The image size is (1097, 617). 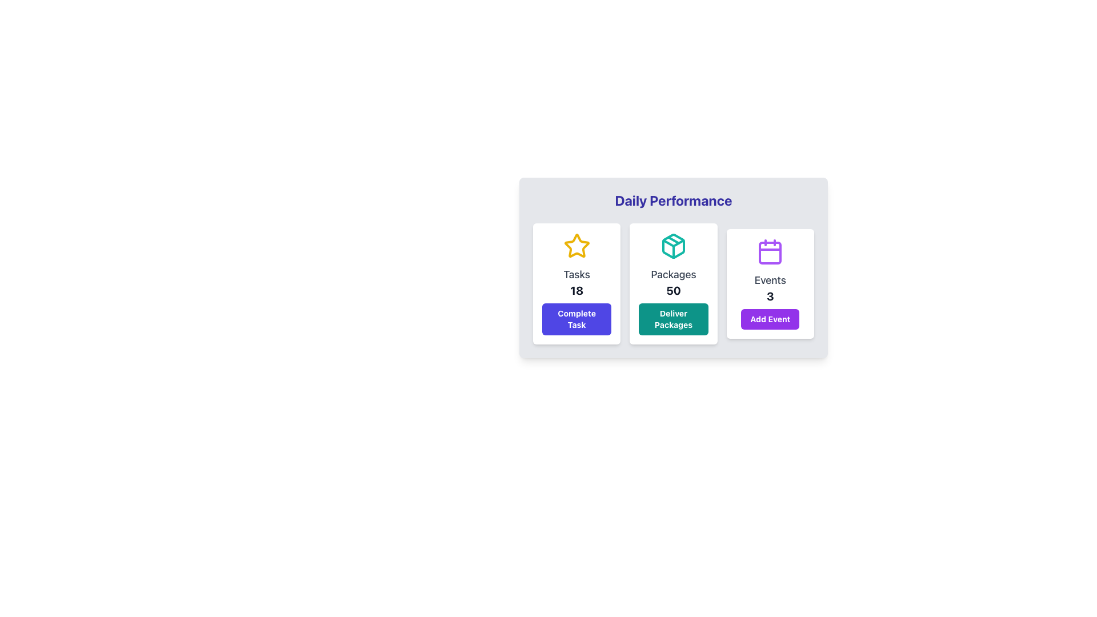 I want to click on the text label displaying 'Packages' in dark gray font, located in the second card of the 'Daily Performance' section between the package box icon and the number '50', so click(x=674, y=275).